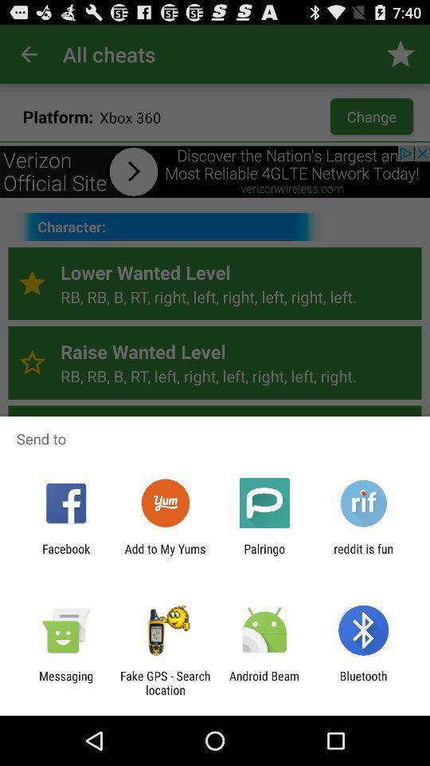 Image resolution: width=430 pixels, height=766 pixels. What do you see at coordinates (264, 682) in the screenshot?
I see `the item to the left of the bluetooth app` at bounding box center [264, 682].